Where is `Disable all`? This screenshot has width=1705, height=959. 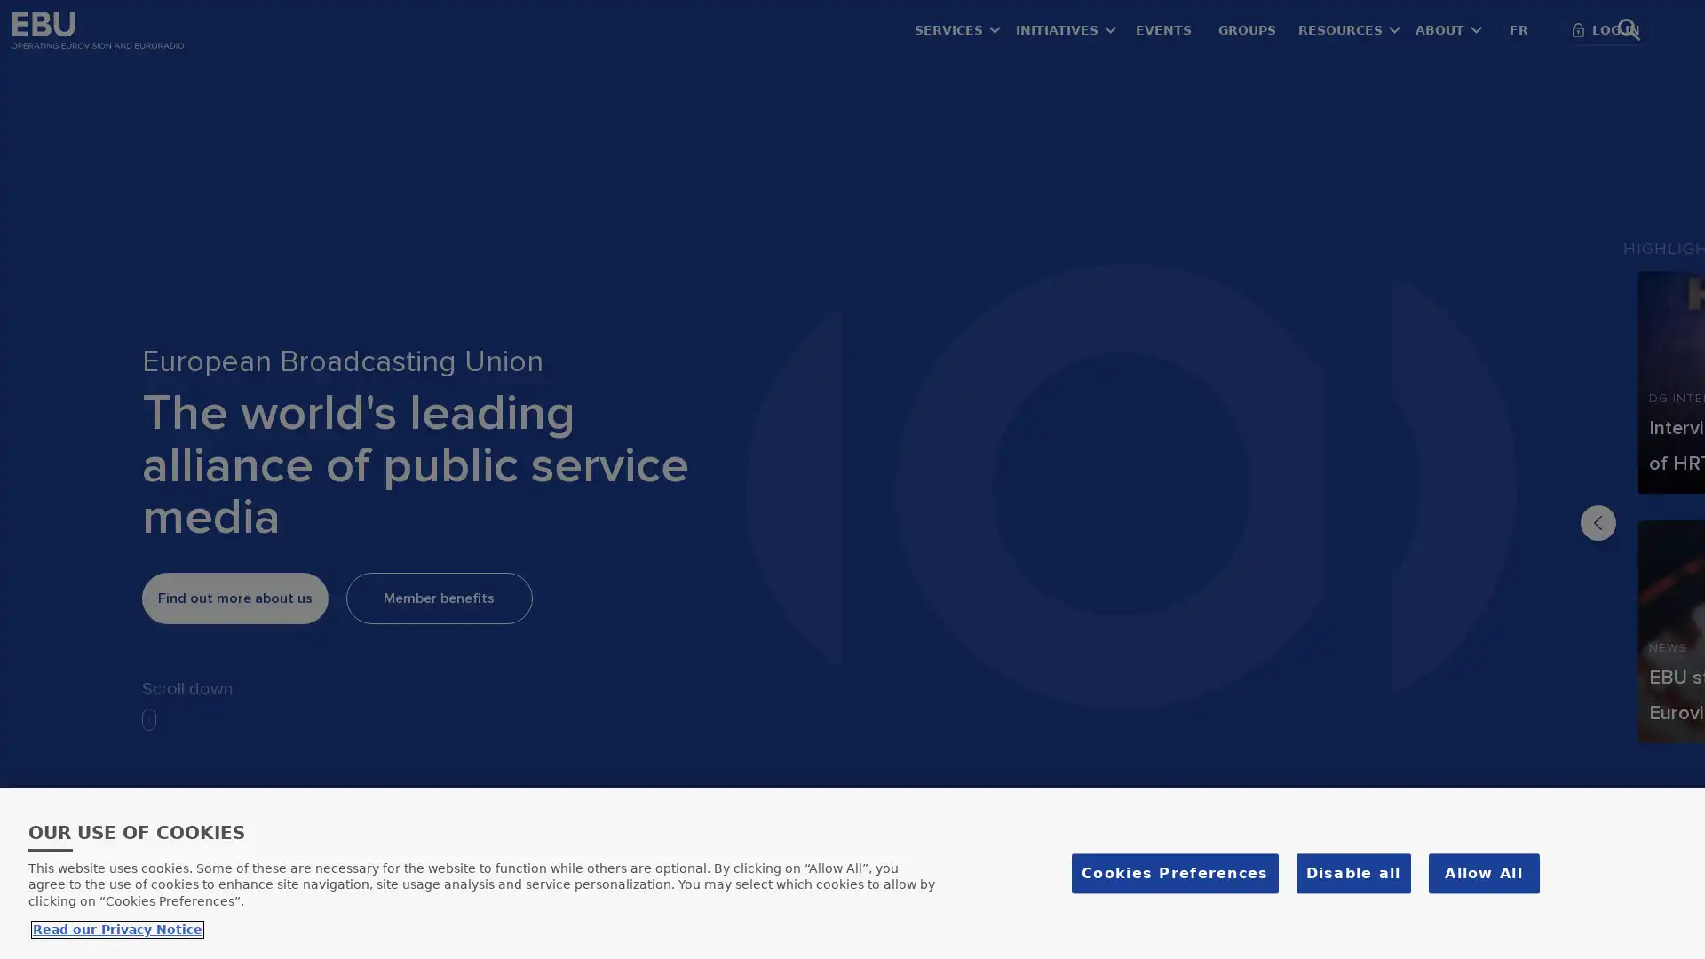
Disable all is located at coordinates (1352, 872).